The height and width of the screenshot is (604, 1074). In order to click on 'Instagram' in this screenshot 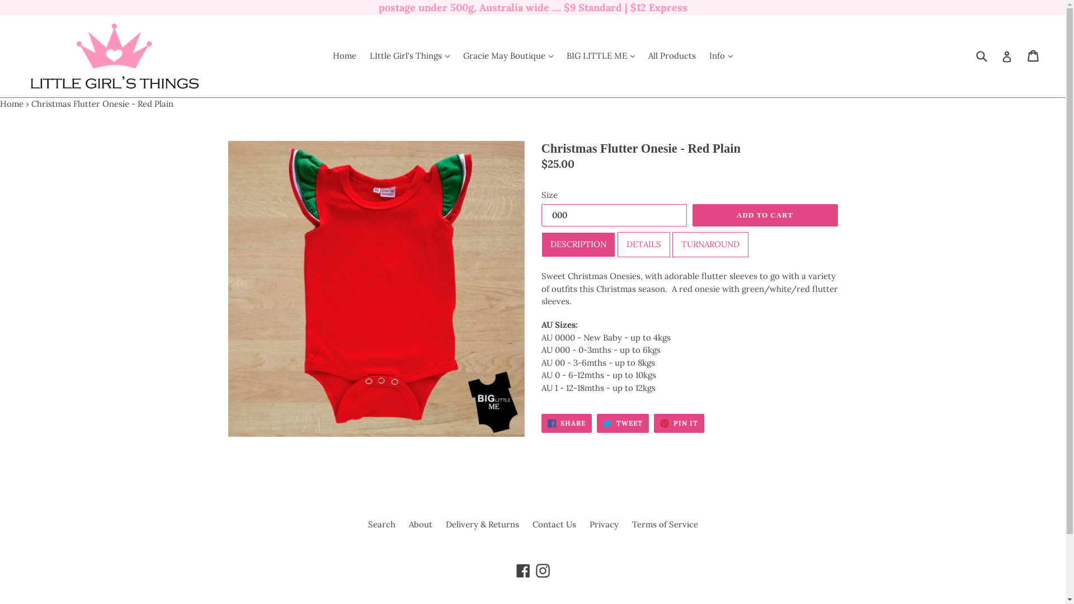, I will do `click(542, 570)`.